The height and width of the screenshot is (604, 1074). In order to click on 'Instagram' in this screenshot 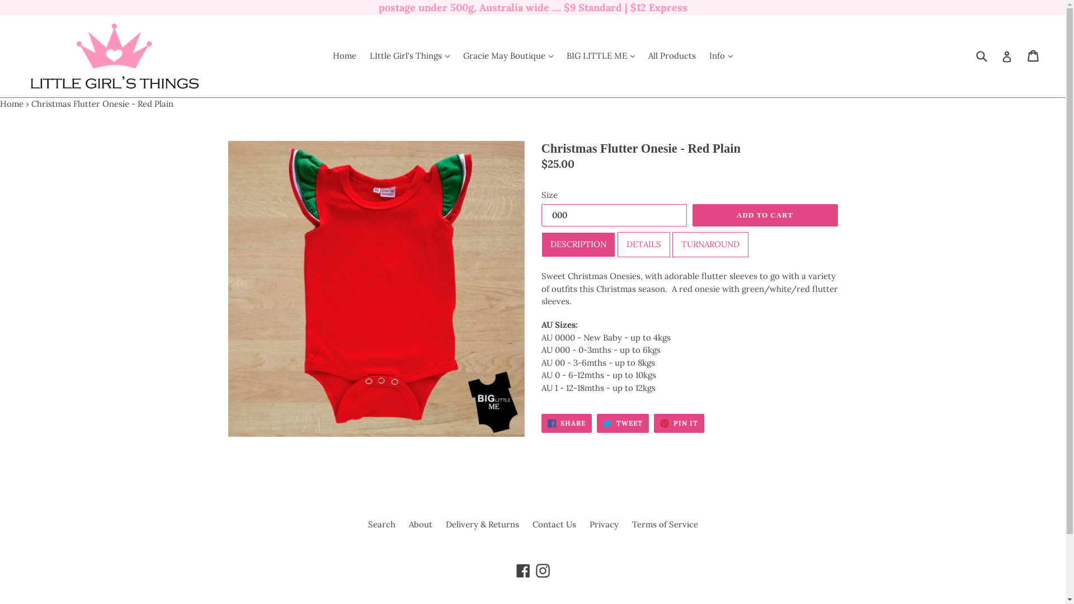, I will do `click(542, 570)`.